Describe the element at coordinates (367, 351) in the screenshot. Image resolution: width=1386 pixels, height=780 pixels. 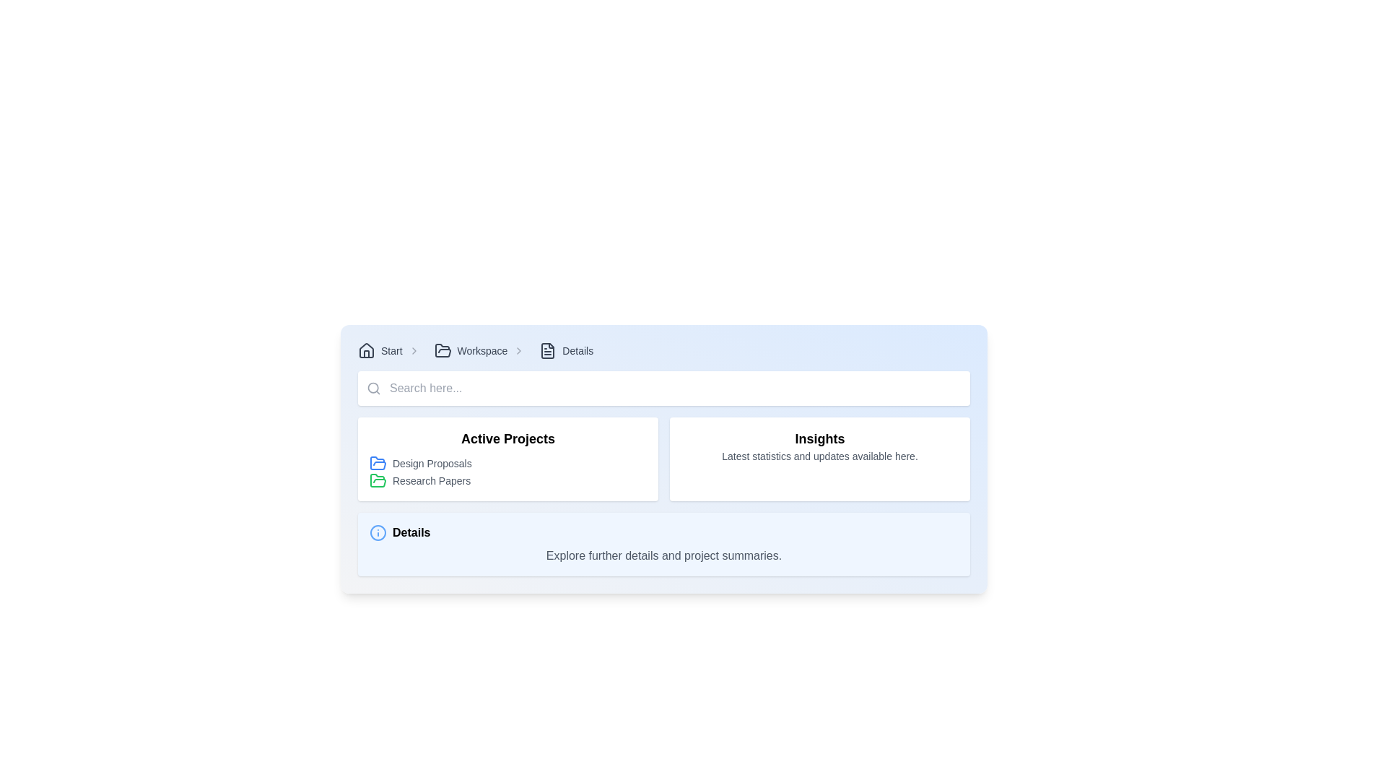
I see `the house icon located in the navigation breadcrumb labeled 'Start'` at that location.